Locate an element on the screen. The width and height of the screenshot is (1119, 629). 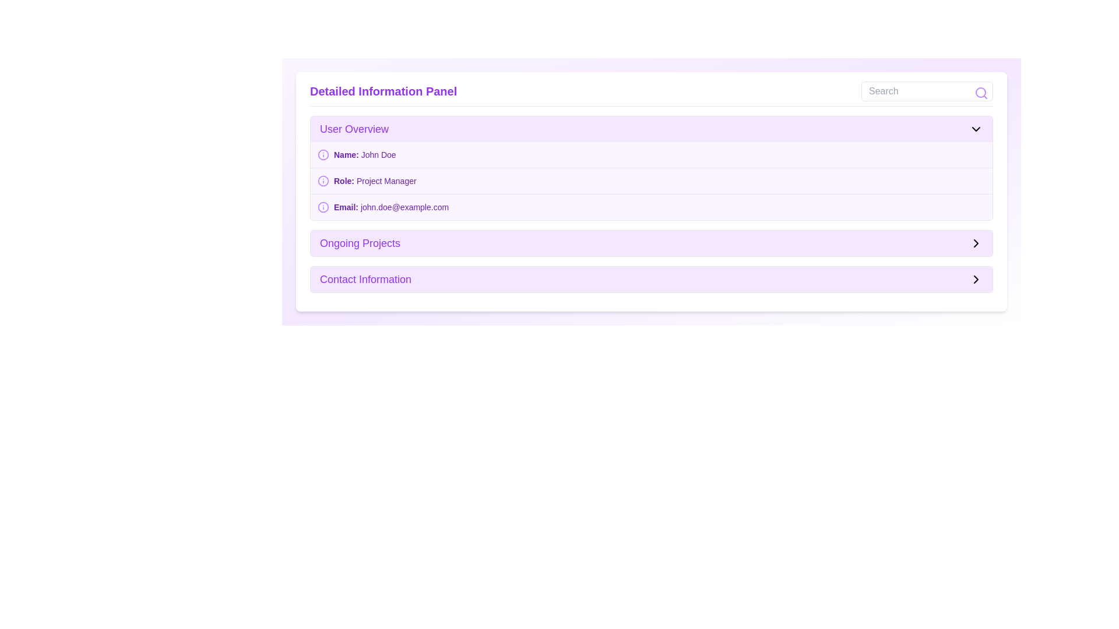
the small circular icon with a purple outline located to the left of 'Name: John Doe' in the 'User Overview' section of the 'Detailed Information Panel' is located at coordinates (323, 154).